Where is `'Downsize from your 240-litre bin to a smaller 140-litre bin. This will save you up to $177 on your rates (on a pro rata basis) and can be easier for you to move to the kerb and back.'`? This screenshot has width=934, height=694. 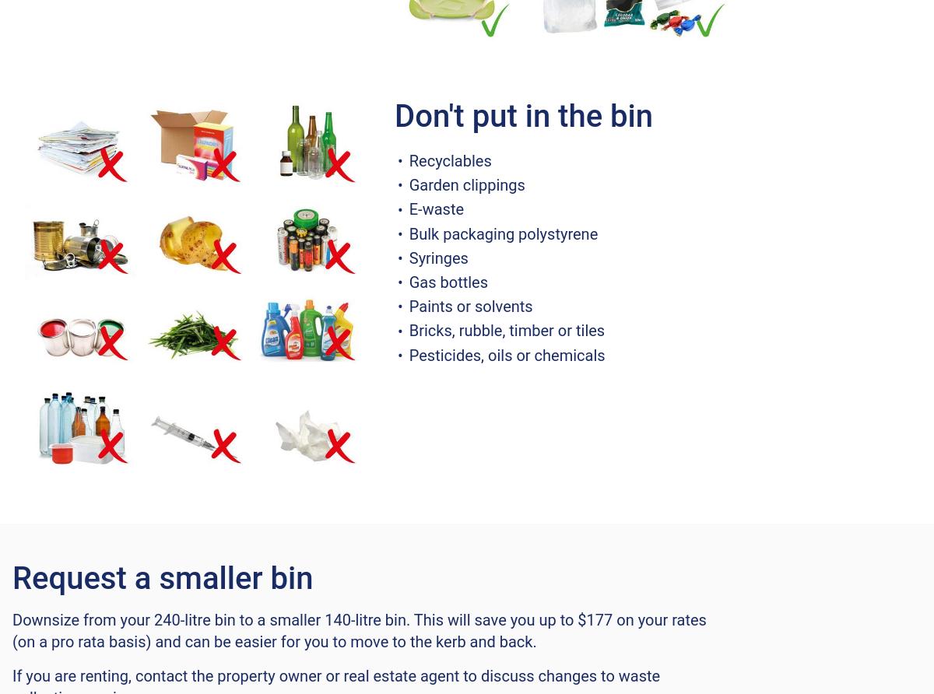 'Downsize from your 240-litre bin to a smaller 140-litre bin. This will save you up to $177 on your rates (on a pro rata basis) and can be easier for you to move to the kerb and back.' is located at coordinates (358, 629).